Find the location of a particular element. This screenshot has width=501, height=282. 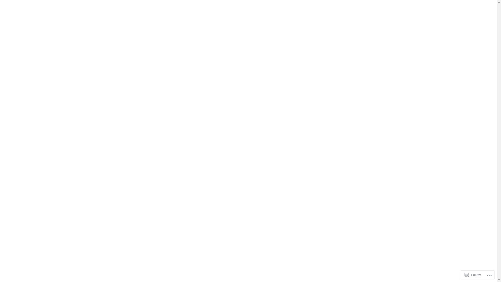

'Follow' is located at coordinates (473, 274).